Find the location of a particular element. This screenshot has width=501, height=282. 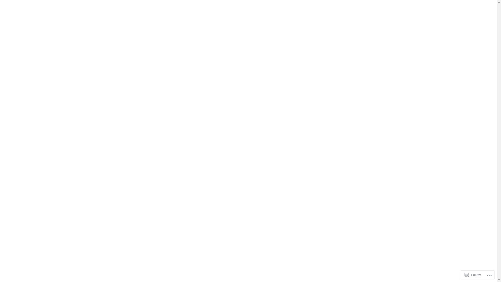

'Follow' is located at coordinates (473, 274).